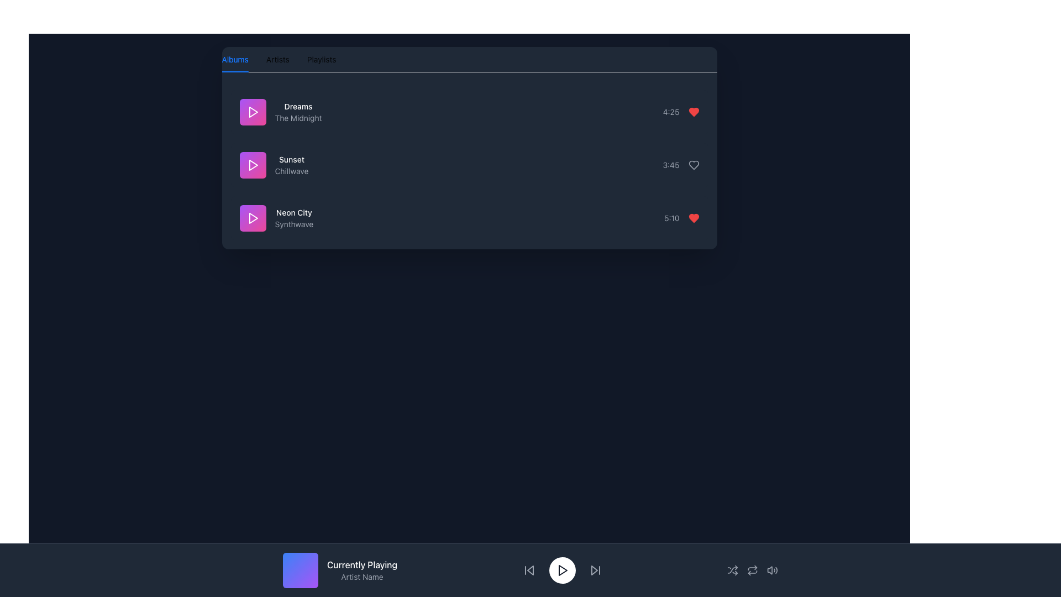  What do you see at coordinates (277, 60) in the screenshot?
I see `the 'Artists' tab in the horizontal tab navigation menu` at bounding box center [277, 60].